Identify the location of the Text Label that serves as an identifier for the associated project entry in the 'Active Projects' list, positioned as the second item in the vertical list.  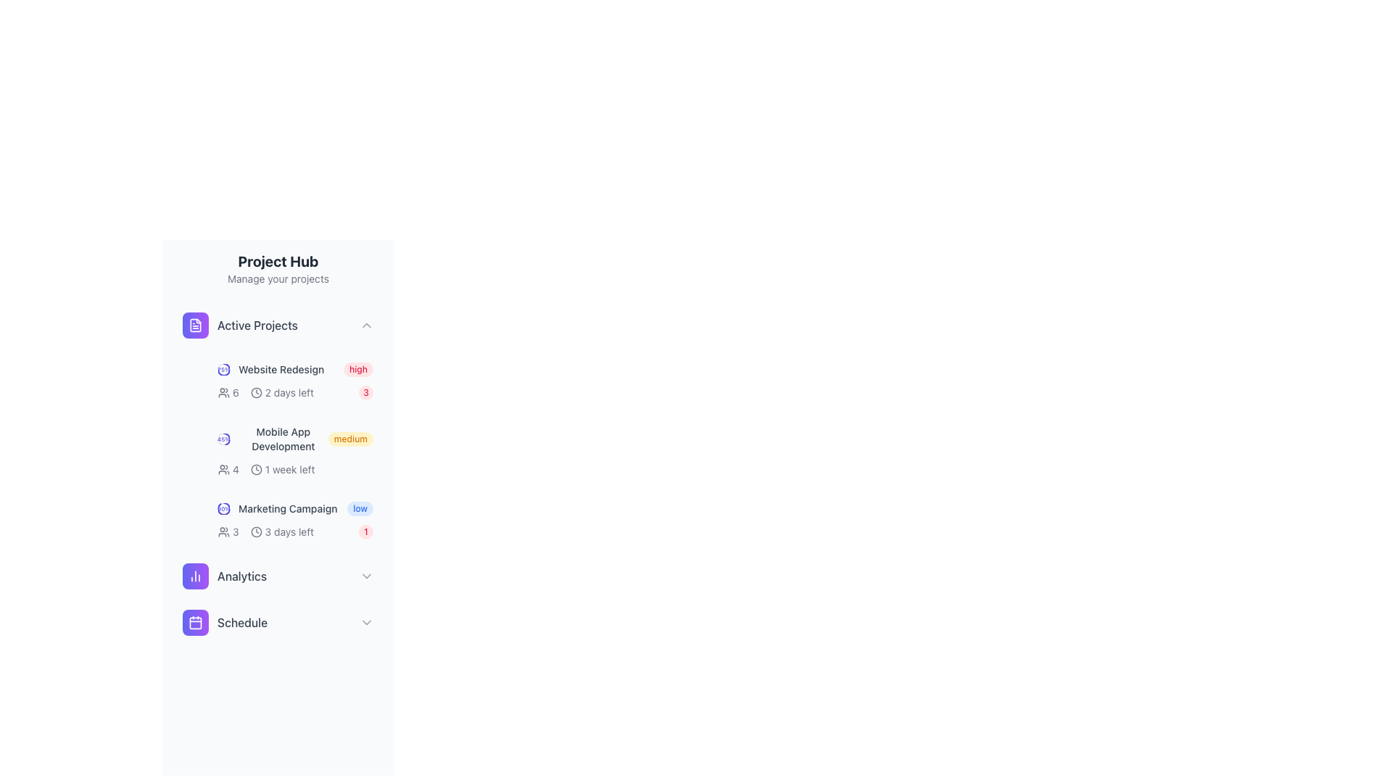
(281, 368).